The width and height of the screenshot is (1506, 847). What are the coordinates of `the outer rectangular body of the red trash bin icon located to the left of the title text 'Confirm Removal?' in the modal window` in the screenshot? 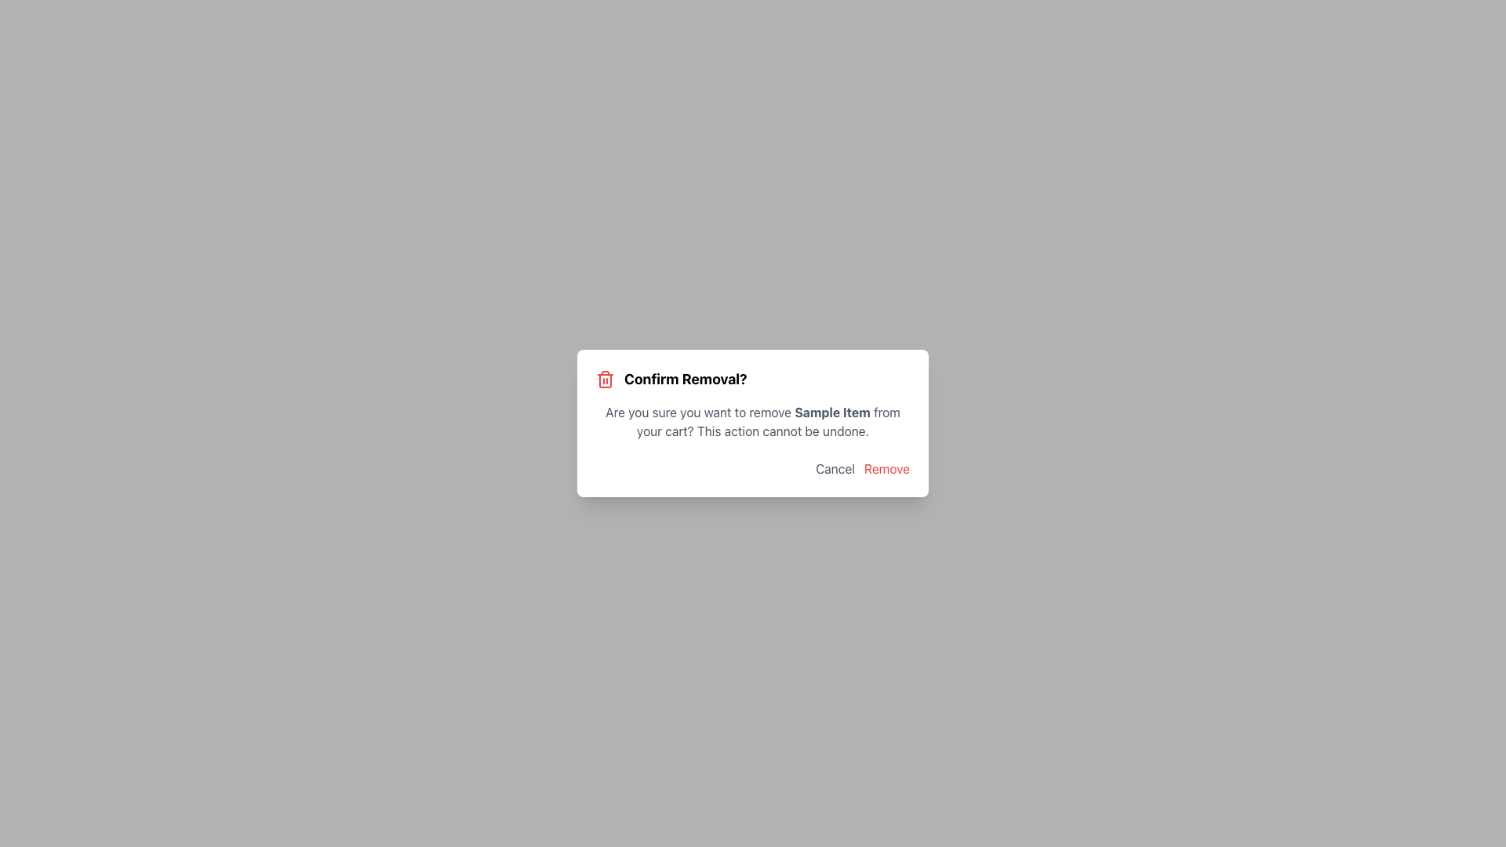 It's located at (605, 381).